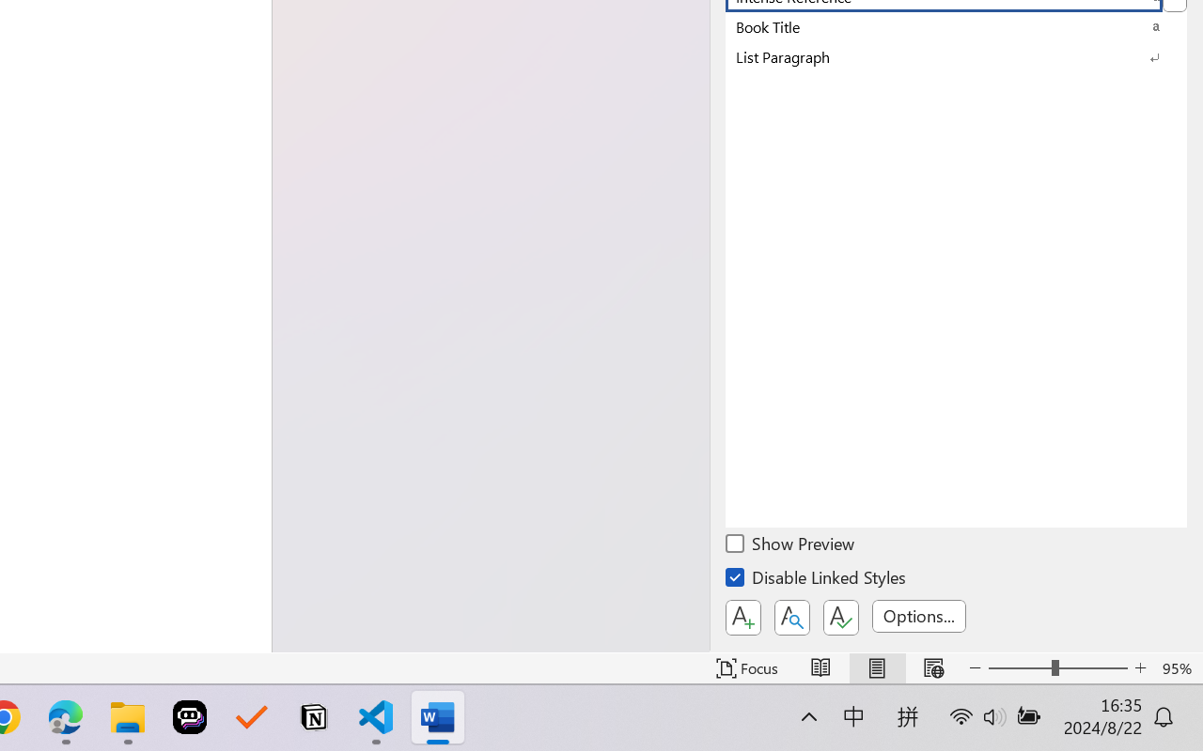 This screenshot has height=751, width=1203. Describe the element at coordinates (918, 615) in the screenshot. I see `'Options...'` at that location.